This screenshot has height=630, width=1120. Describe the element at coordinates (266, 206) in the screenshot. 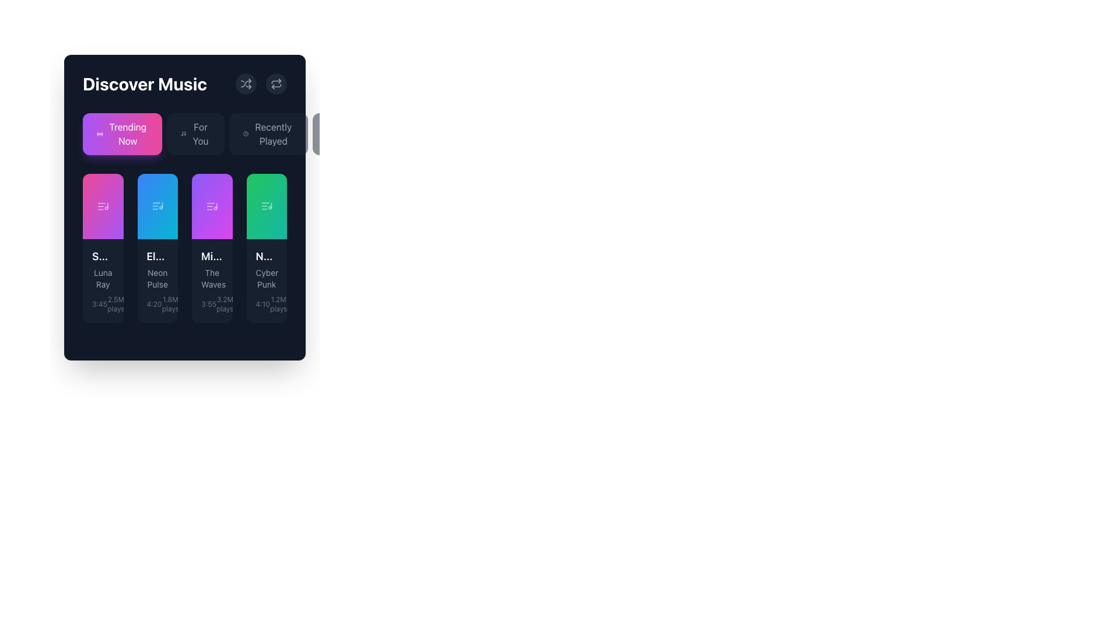

I see `the music icon on the green card labeled 'Cyber Punk', which is positioned in the center of the card and represents a musical feature` at that location.